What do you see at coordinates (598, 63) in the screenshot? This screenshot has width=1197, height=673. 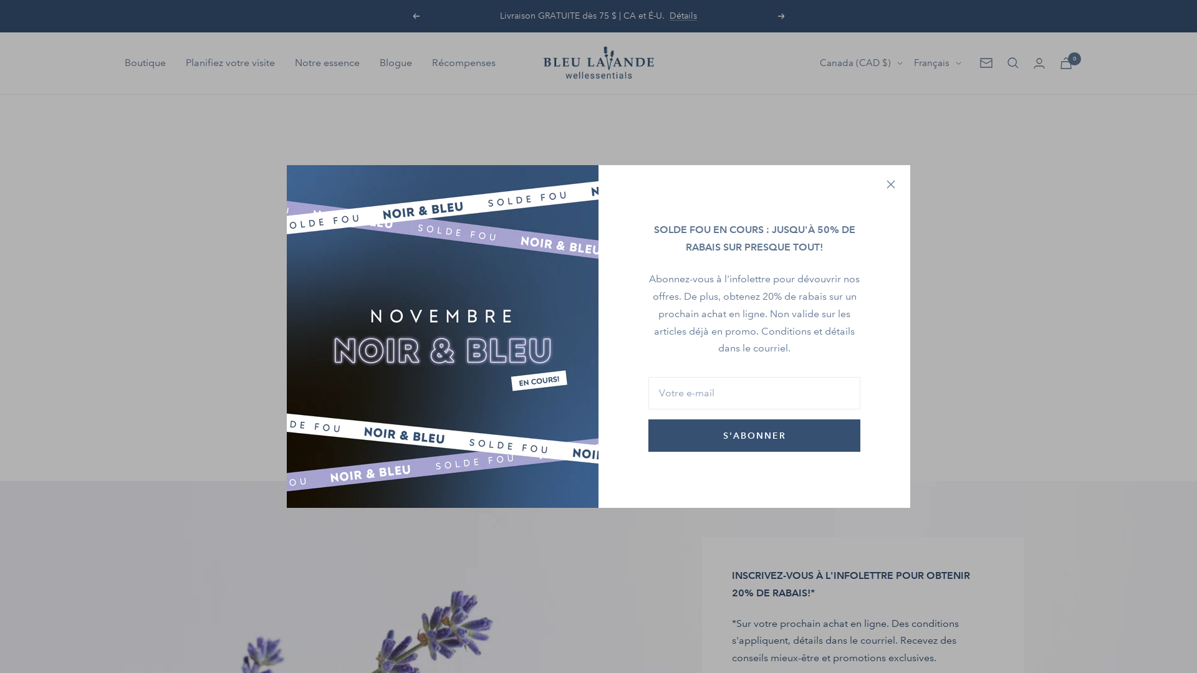 I see `'Bleu Lavande'` at bounding box center [598, 63].